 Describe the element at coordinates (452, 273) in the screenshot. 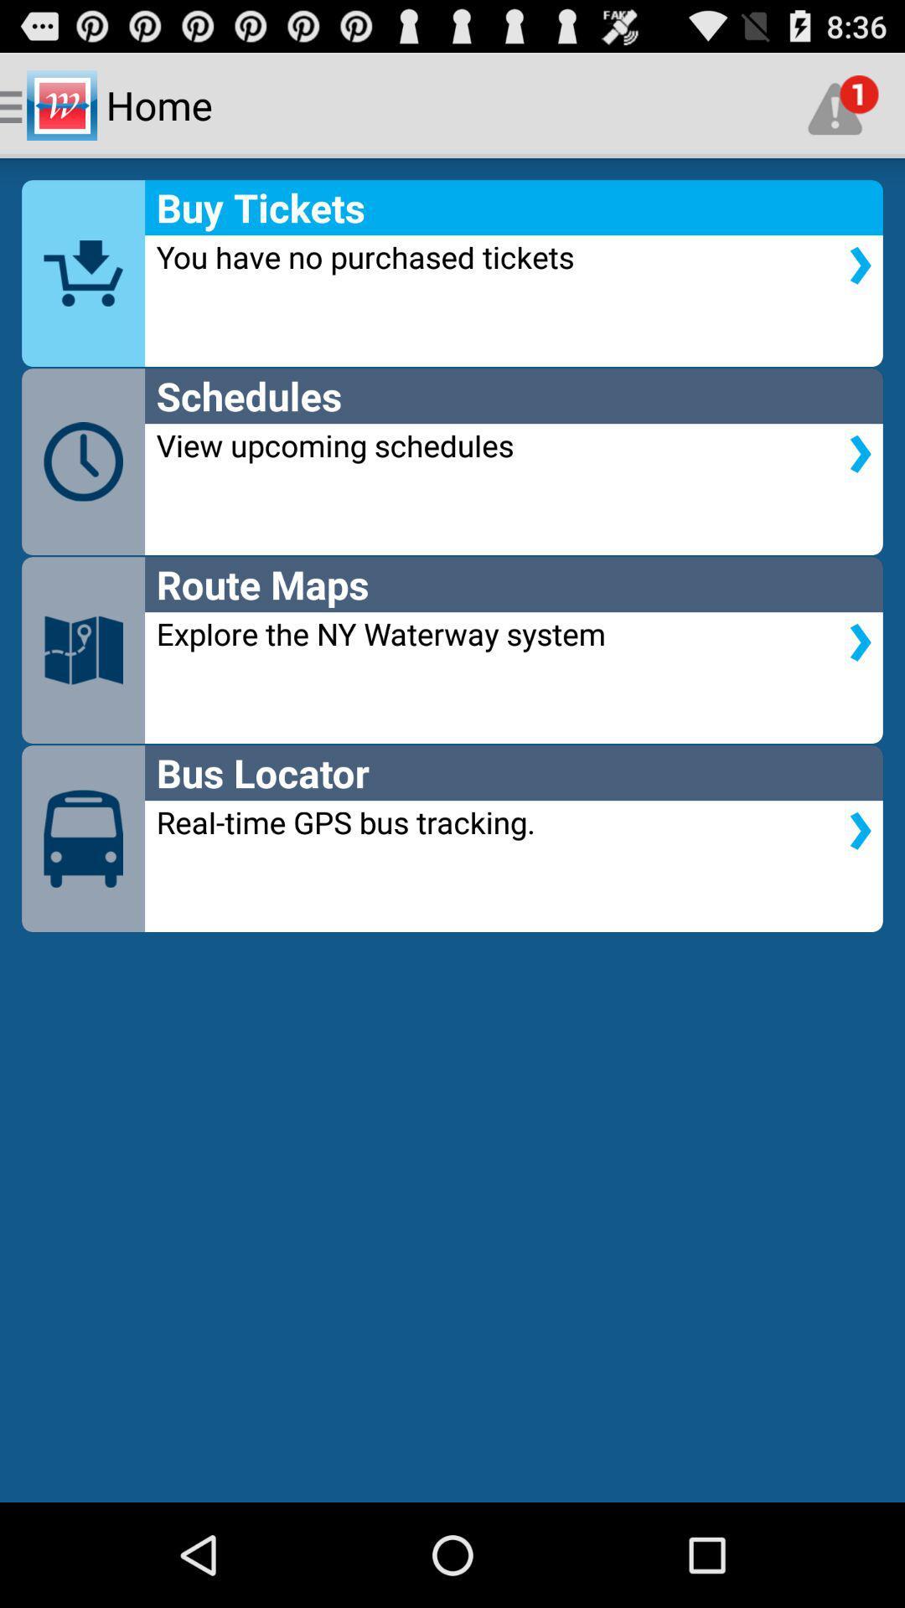

I see `the first row buy tickets` at that location.